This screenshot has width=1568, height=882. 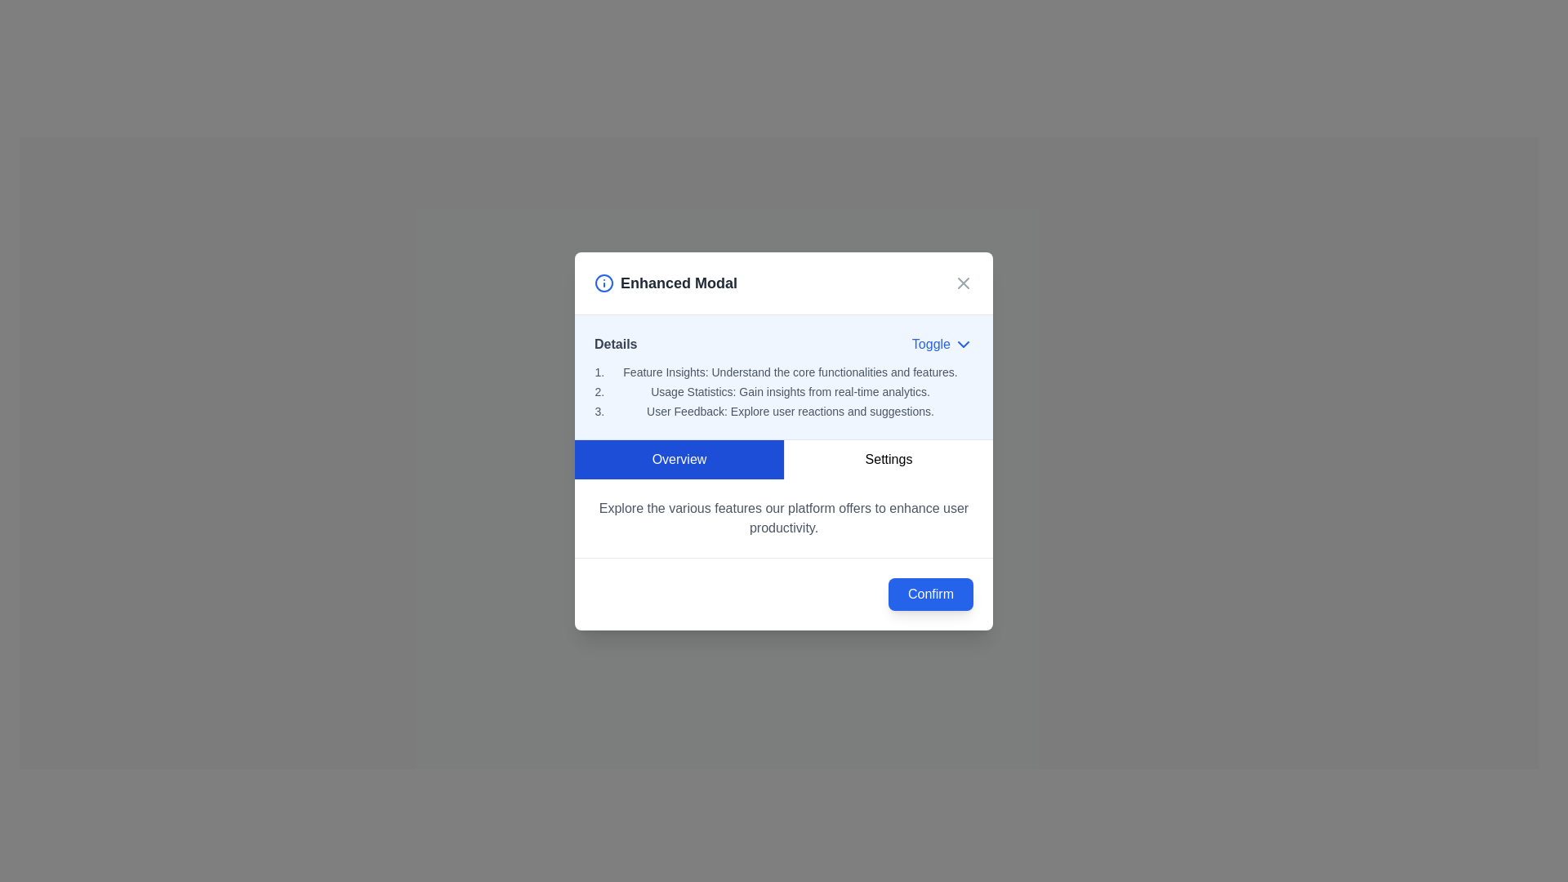 What do you see at coordinates (784, 518) in the screenshot?
I see `the informational text block within the modal dialog, positioned below the tabbed navigation area and above the 'Confirm' button` at bounding box center [784, 518].